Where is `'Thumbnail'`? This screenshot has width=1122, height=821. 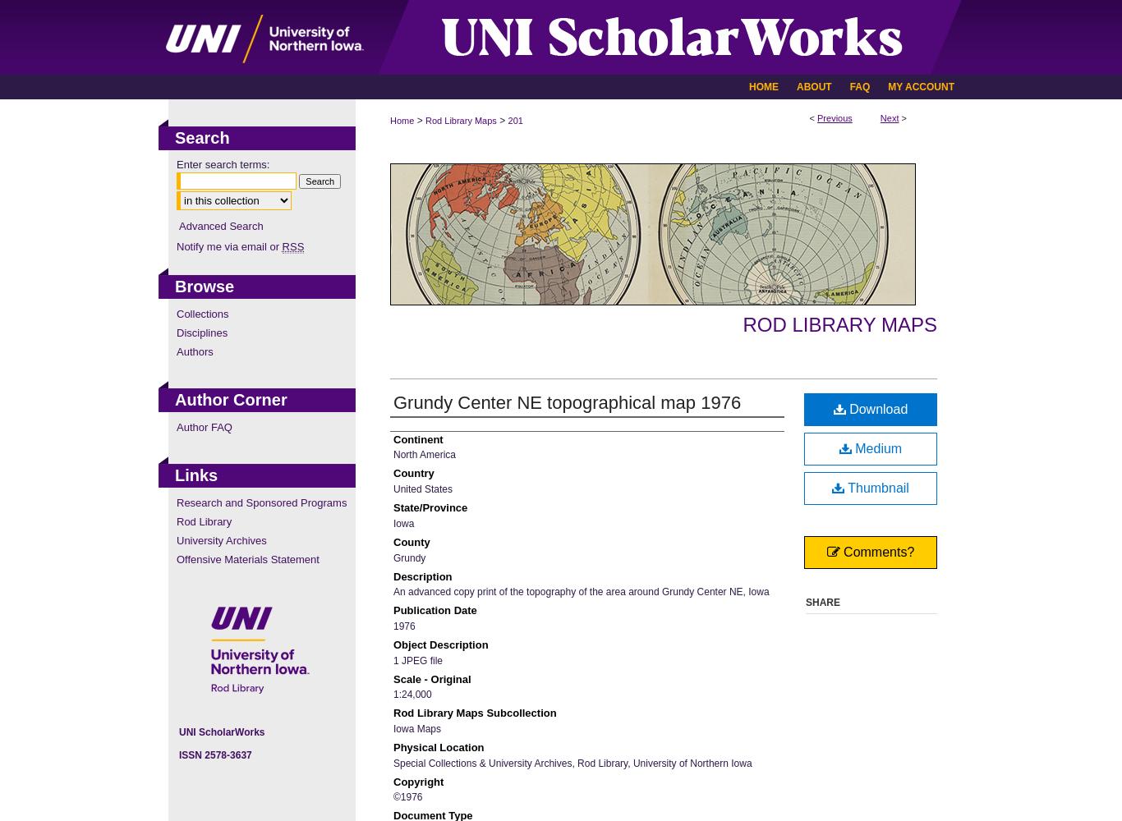
'Thumbnail' is located at coordinates (875, 486).